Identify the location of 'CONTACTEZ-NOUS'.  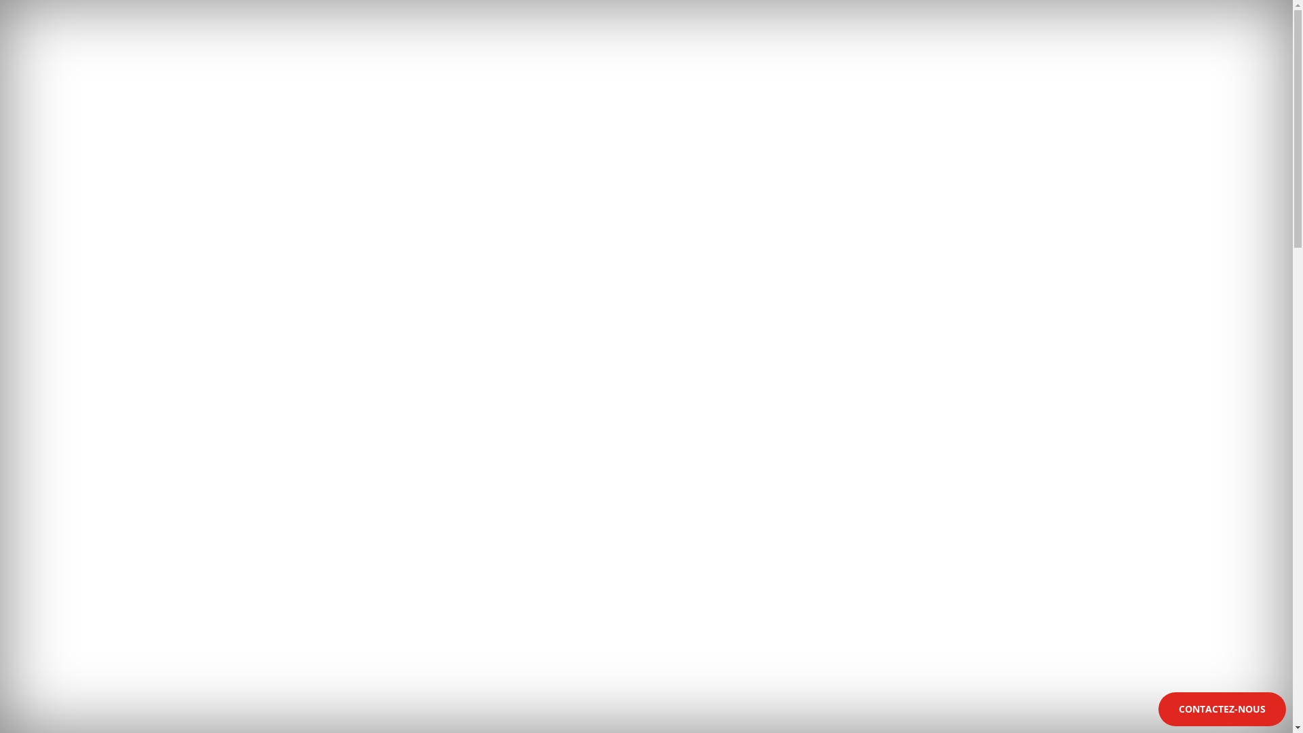
(1222, 709).